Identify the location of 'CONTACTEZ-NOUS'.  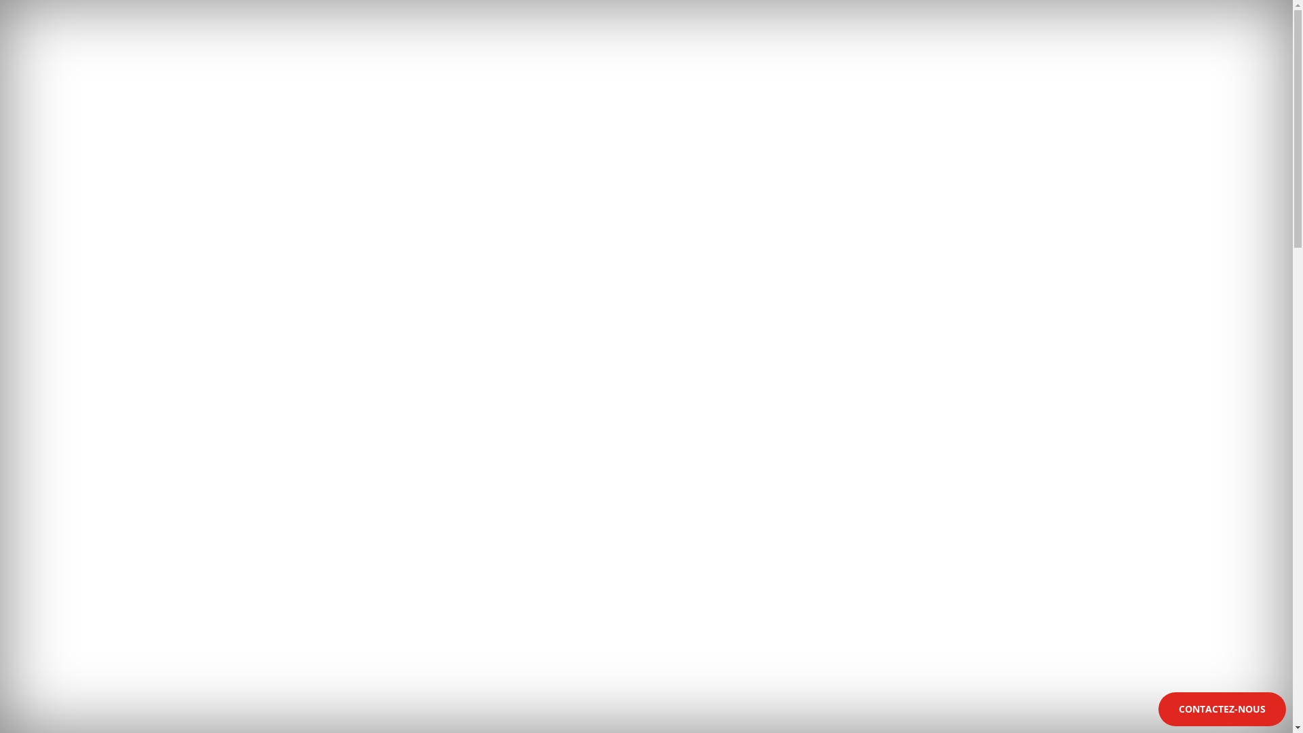
(1222, 709).